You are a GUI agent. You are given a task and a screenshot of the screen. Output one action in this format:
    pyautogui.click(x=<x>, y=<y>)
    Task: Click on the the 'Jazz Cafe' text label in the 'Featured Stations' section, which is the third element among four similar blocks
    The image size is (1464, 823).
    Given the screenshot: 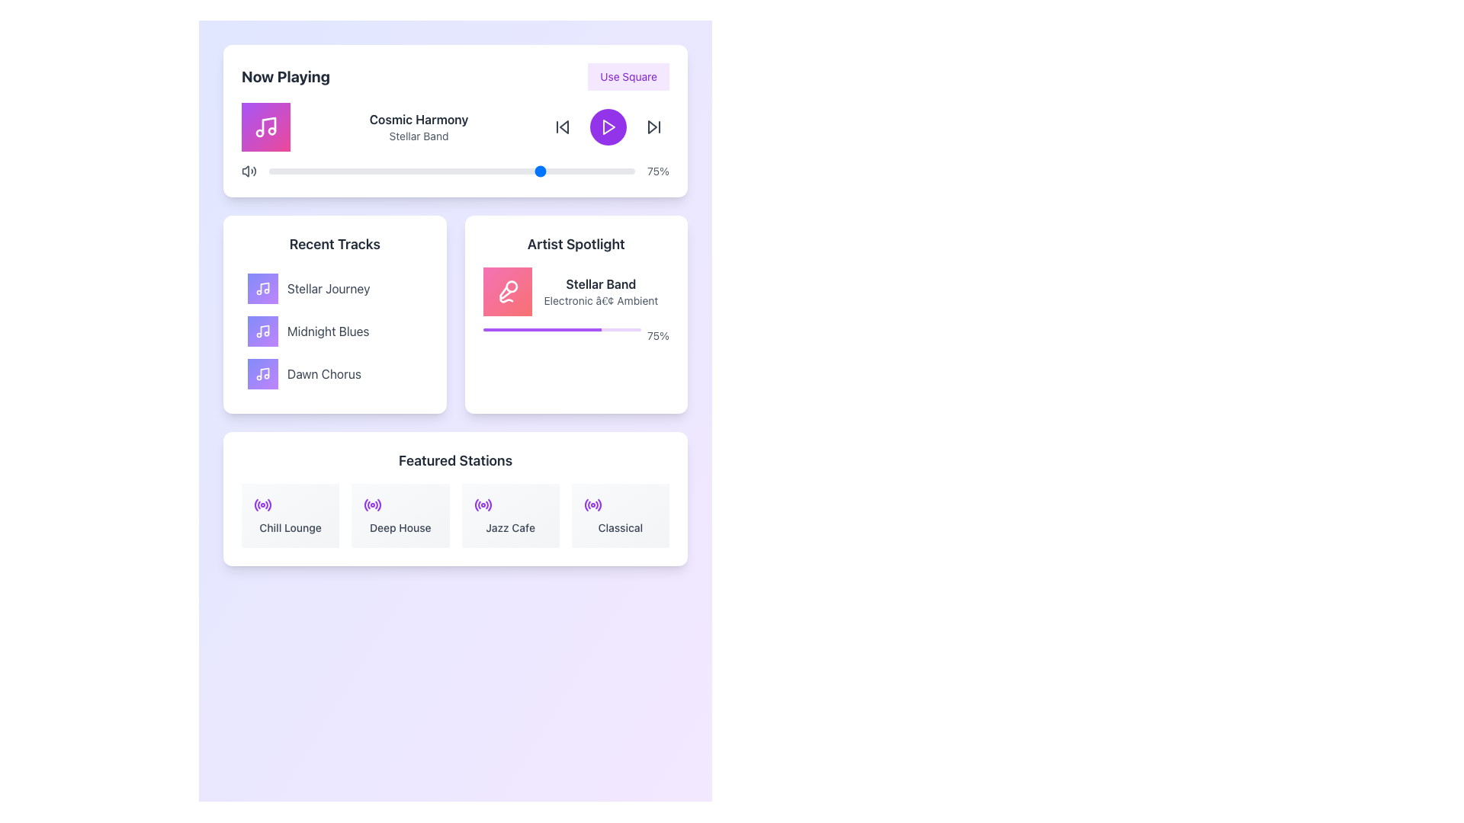 What is the action you would take?
    pyautogui.click(x=510, y=527)
    